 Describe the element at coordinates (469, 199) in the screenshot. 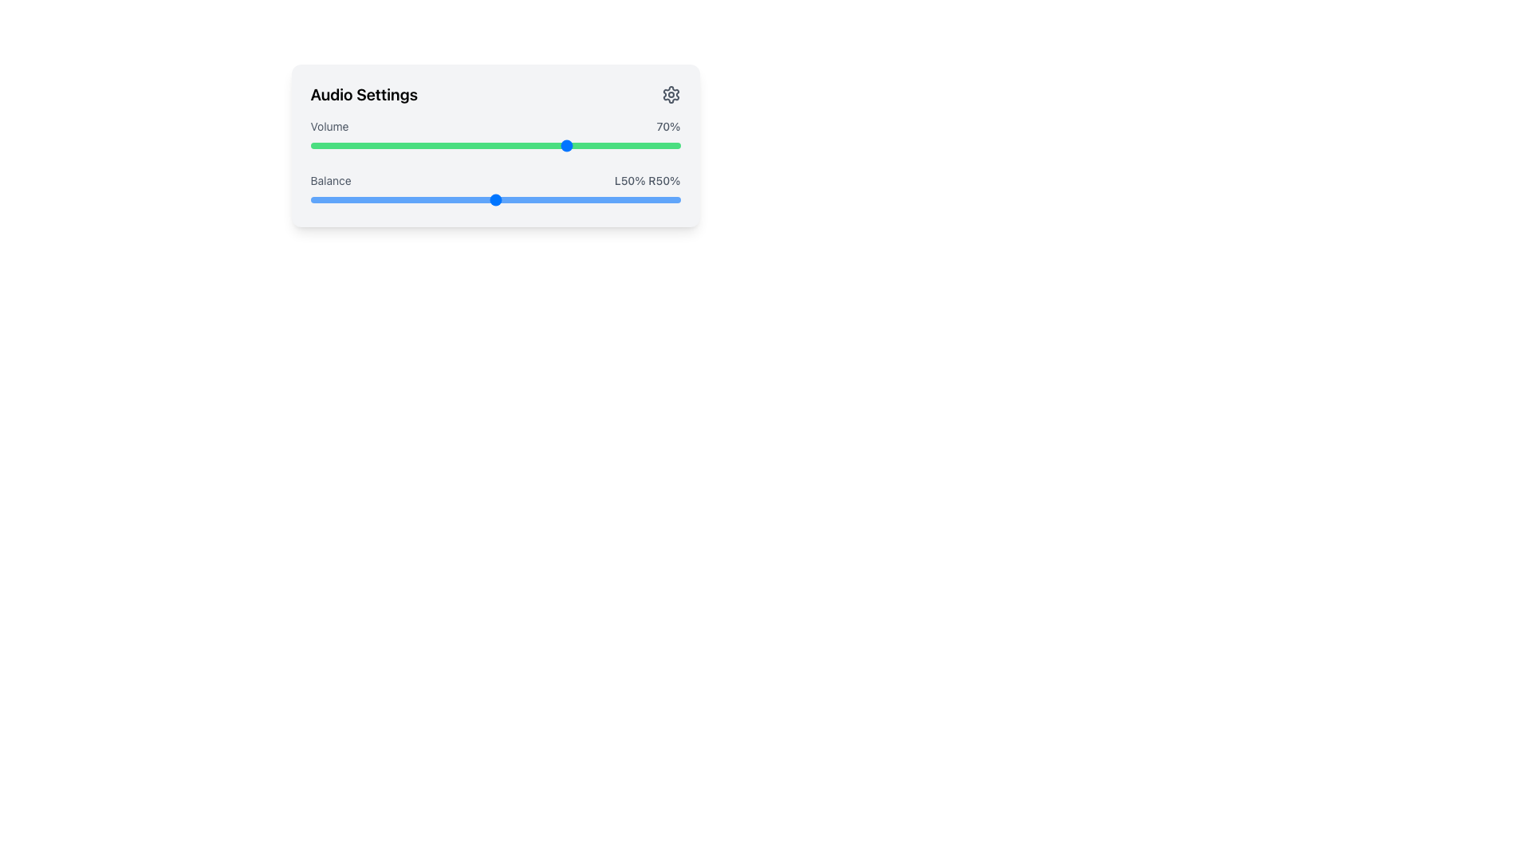

I see `the balance` at that location.